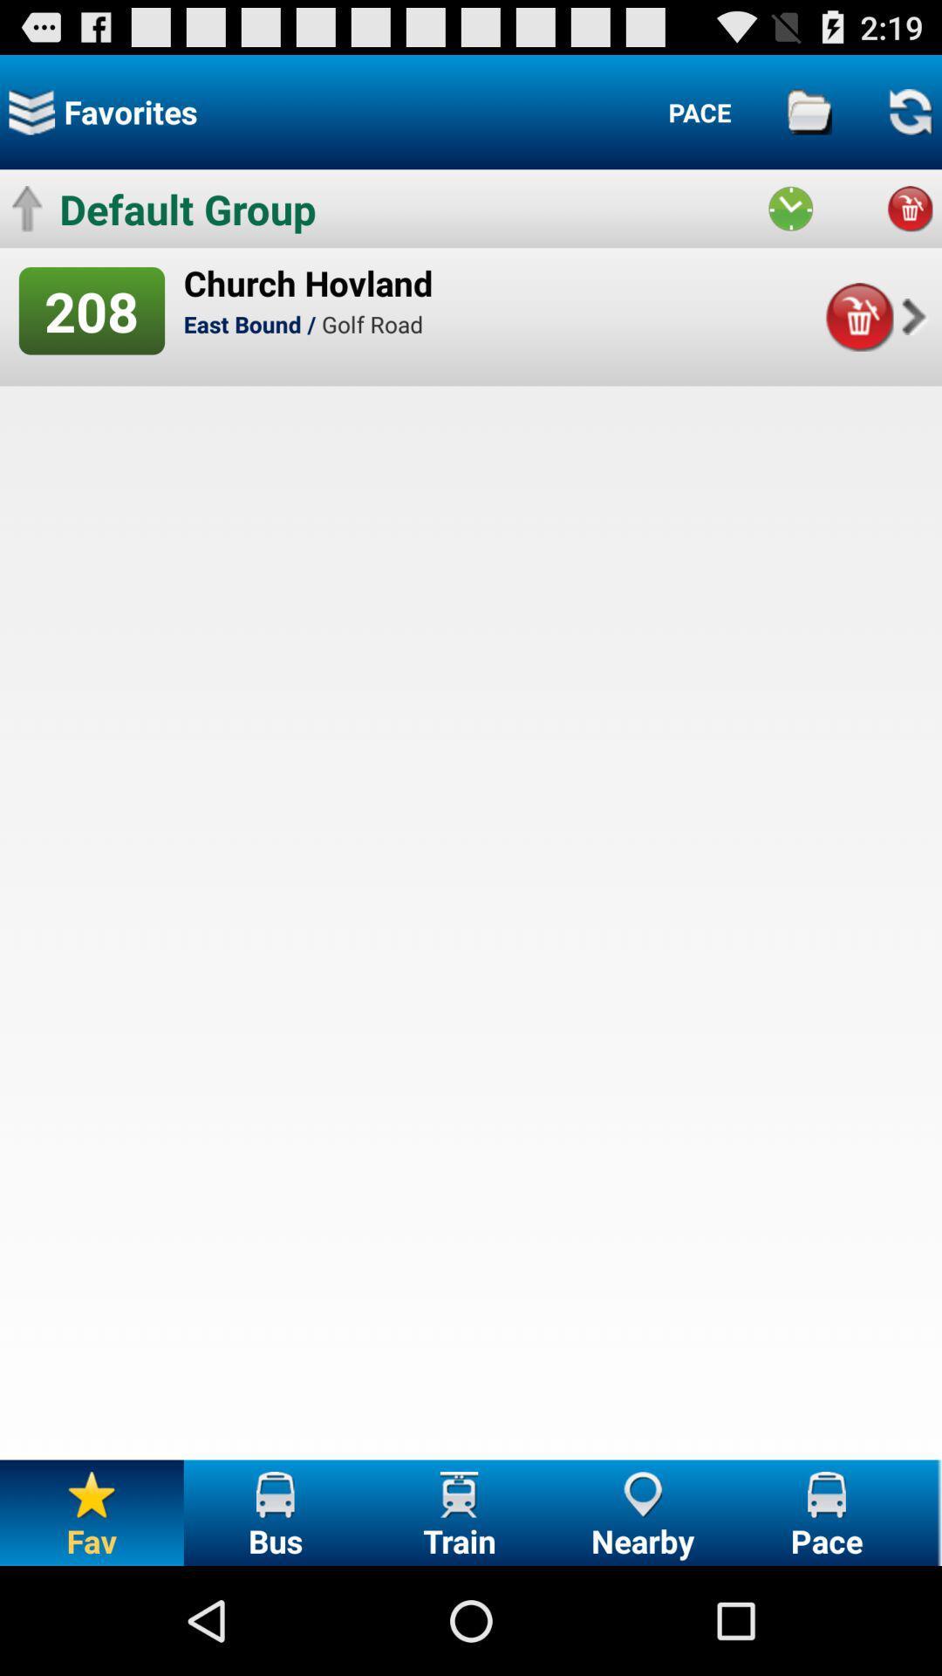 The width and height of the screenshot is (942, 1676). What do you see at coordinates (858, 317) in the screenshot?
I see `delete item` at bounding box center [858, 317].